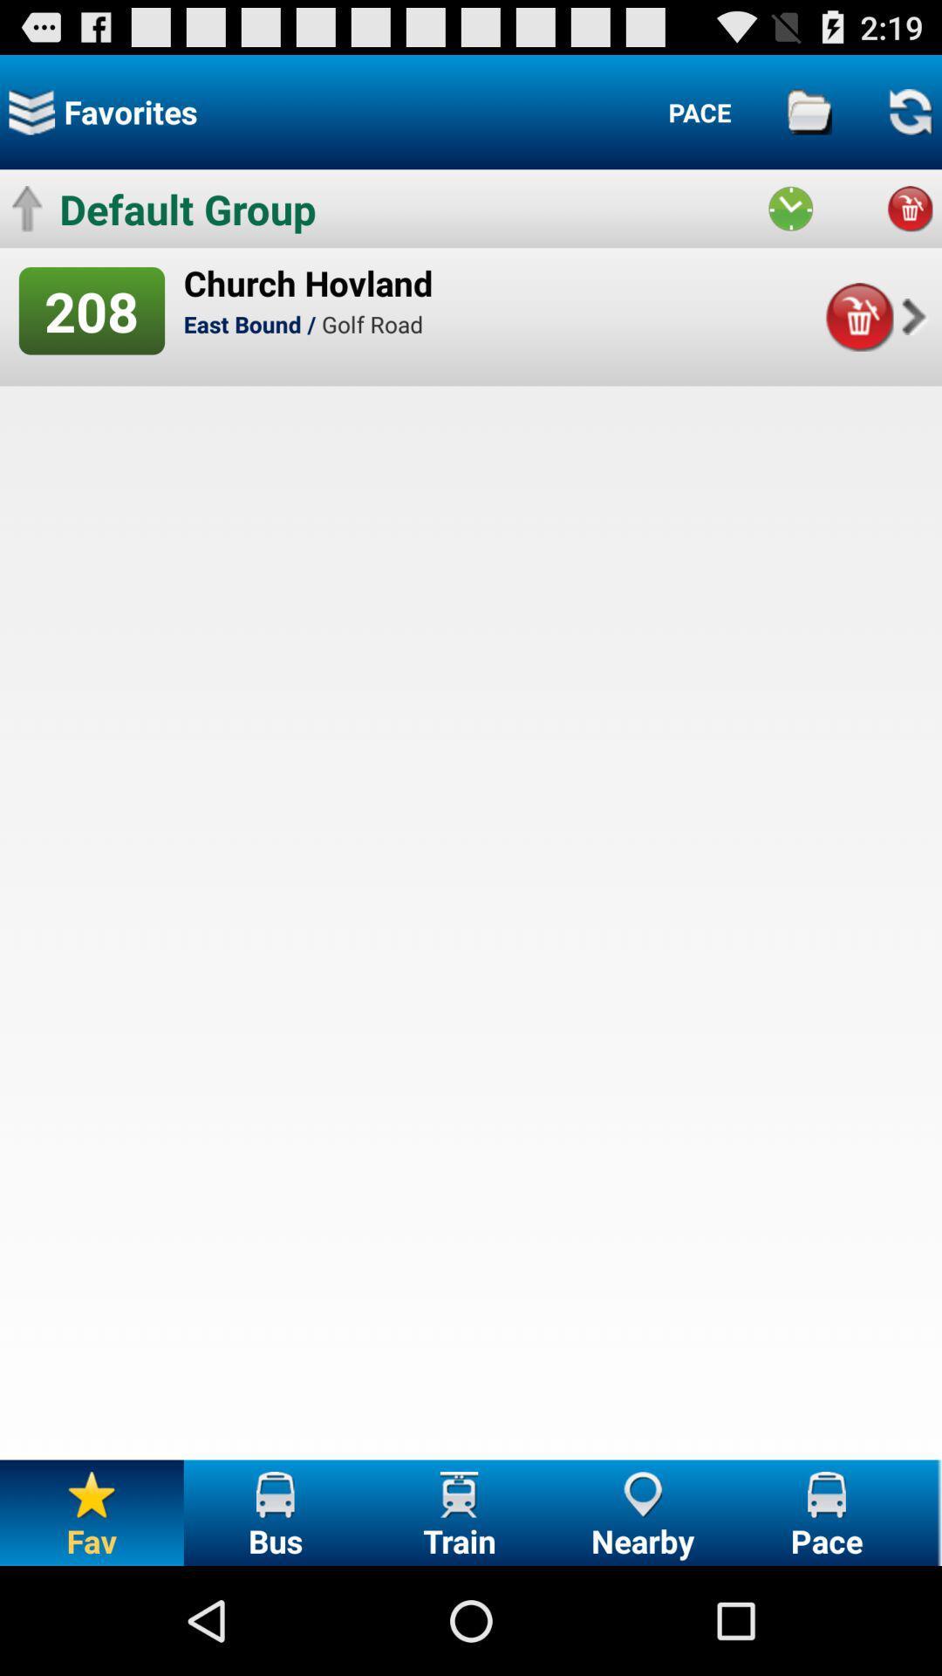 The width and height of the screenshot is (942, 1676). What do you see at coordinates (858, 317) in the screenshot?
I see `delete item` at bounding box center [858, 317].